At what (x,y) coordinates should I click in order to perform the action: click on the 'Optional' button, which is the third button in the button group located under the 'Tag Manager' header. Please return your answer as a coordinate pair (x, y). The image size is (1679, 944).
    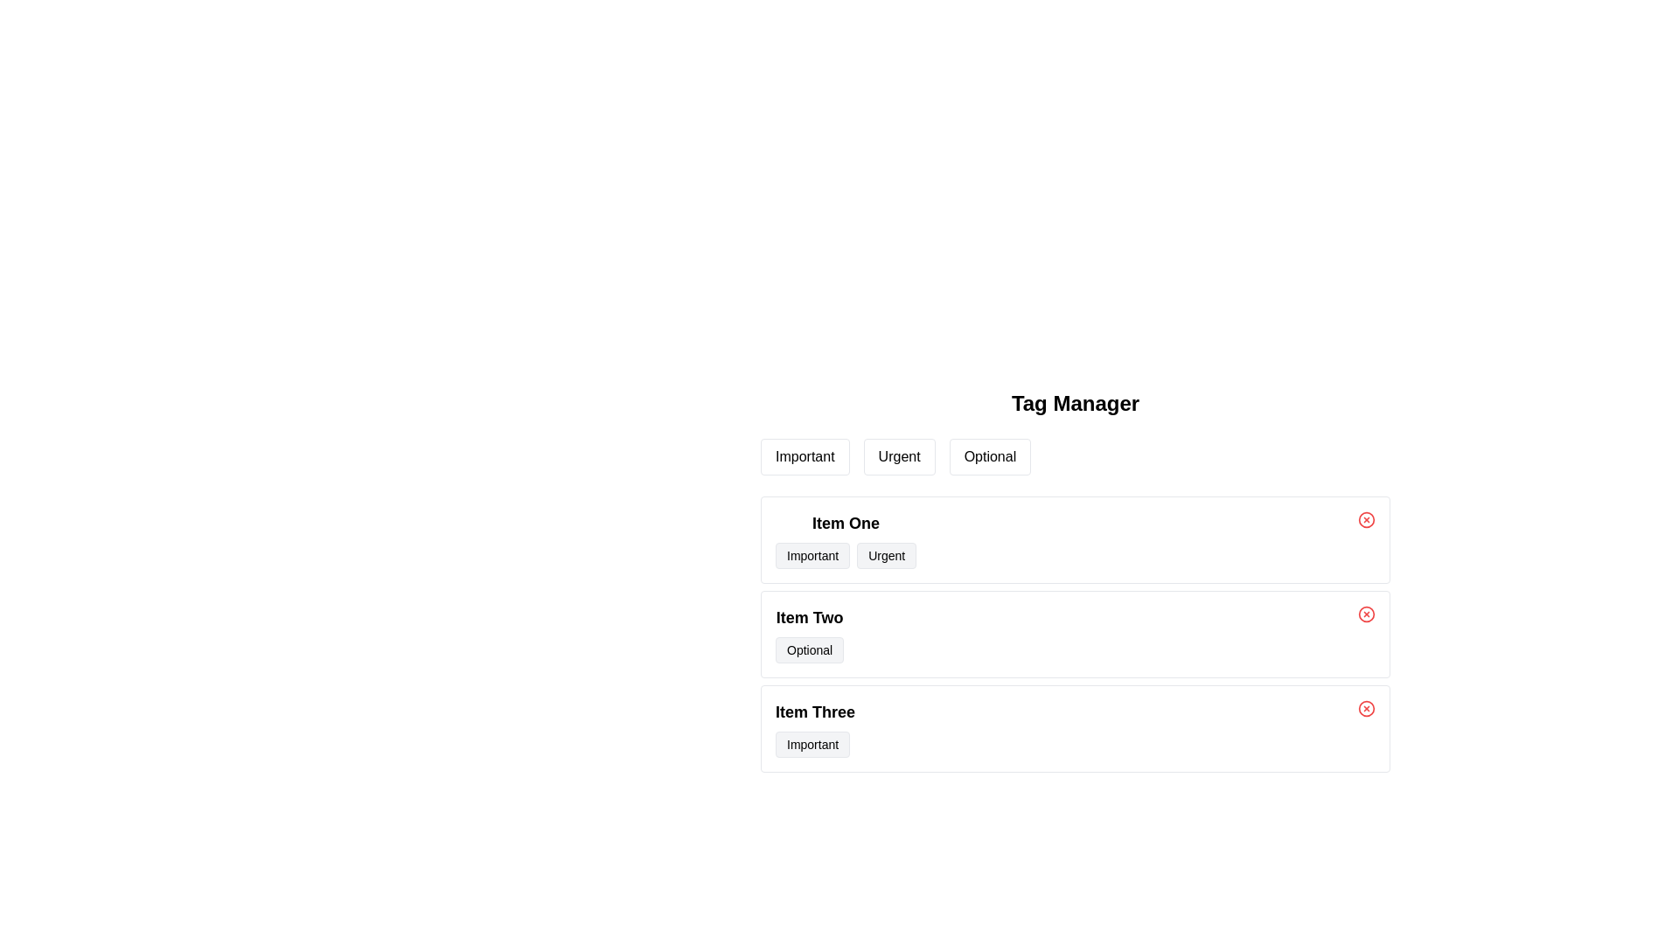
    Looking at the image, I should click on (990, 456).